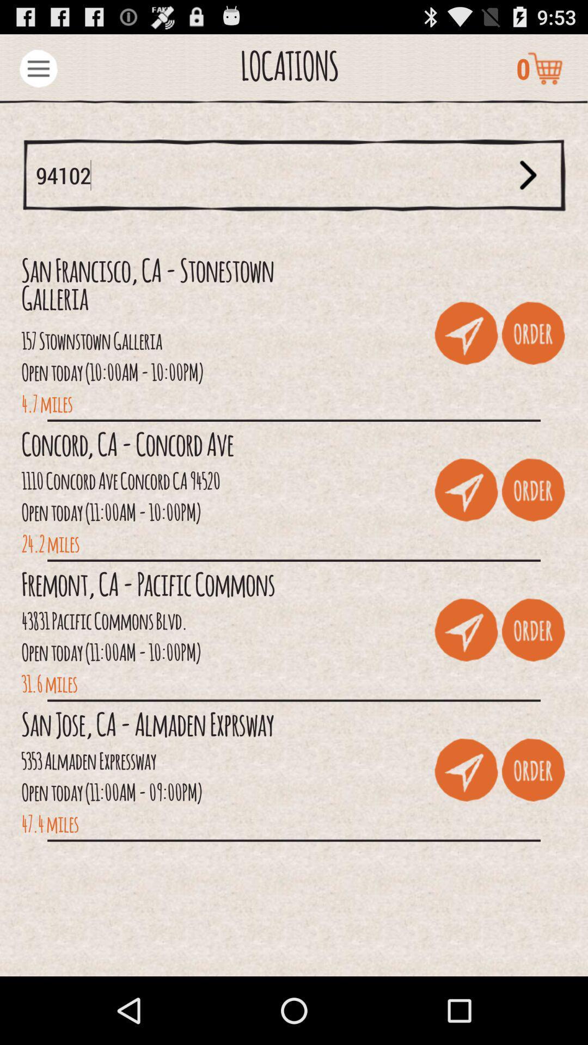 The height and width of the screenshot is (1045, 588). What do you see at coordinates (38, 67) in the screenshot?
I see `settings` at bounding box center [38, 67].